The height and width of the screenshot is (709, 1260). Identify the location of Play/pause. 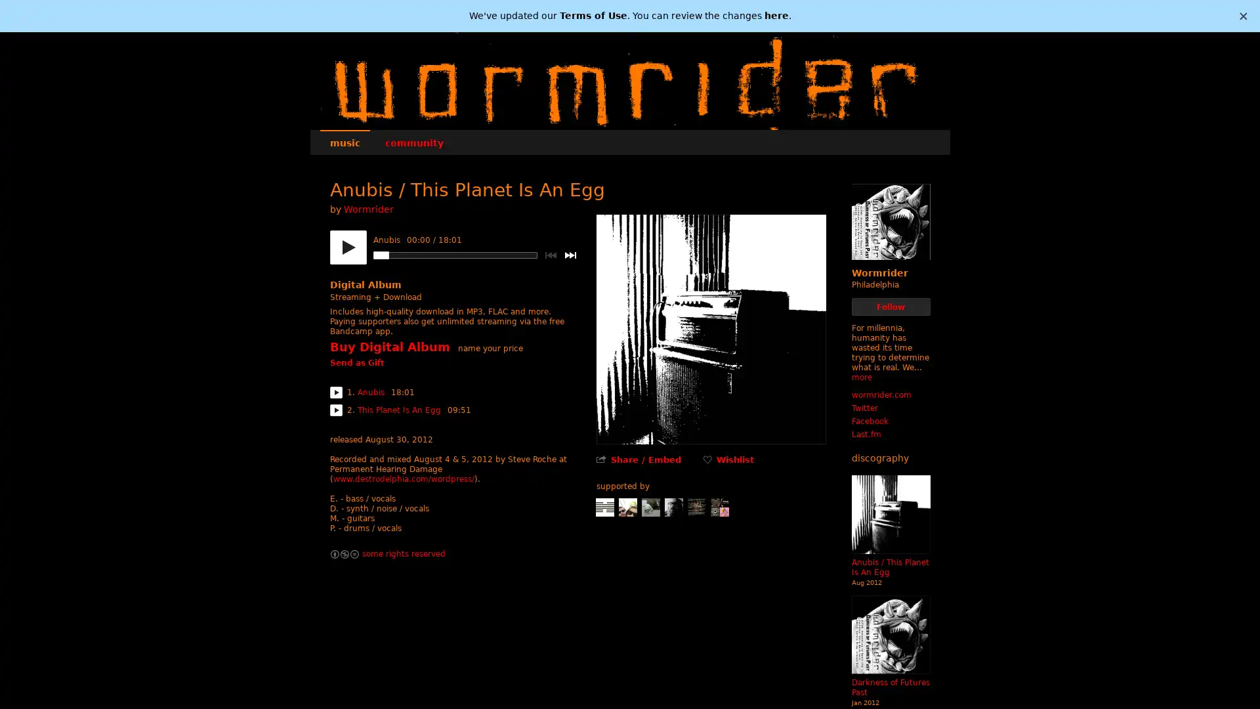
(347, 247).